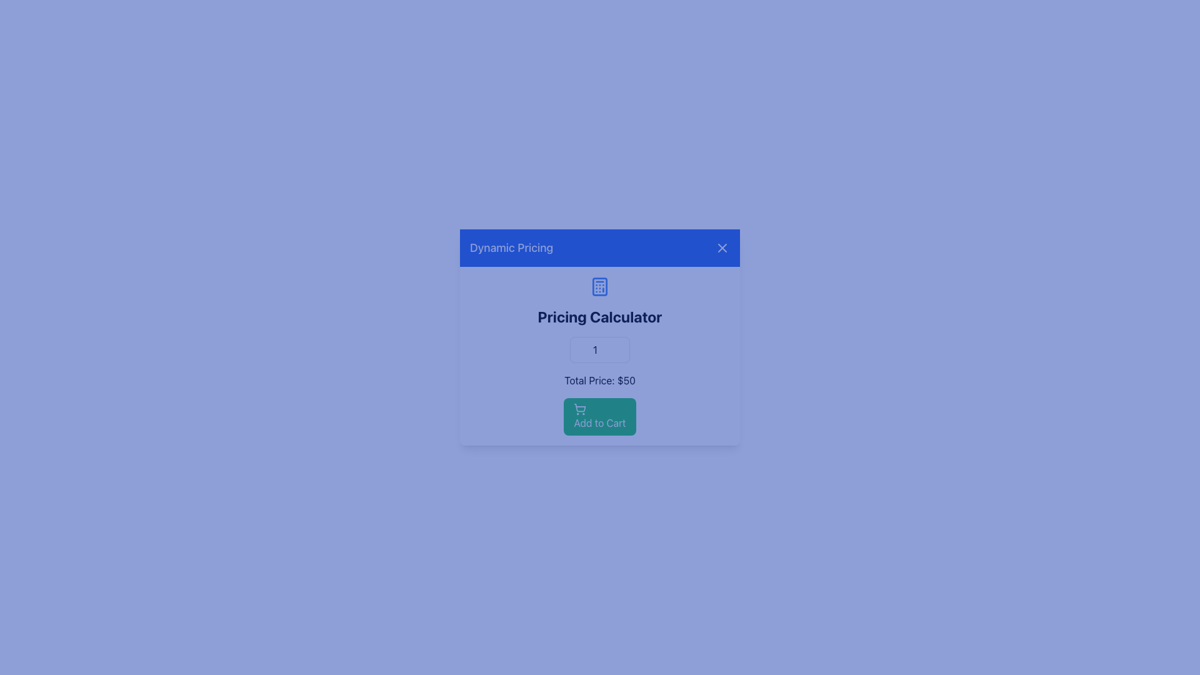 Image resolution: width=1200 pixels, height=675 pixels. What do you see at coordinates (722, 248) in the screenshot?
I see `the Close Button, represented by a small 'X' icon, located at the far right of the blue bar in the 'Dynamic Pricing' panel` at bounding box center [722, 248].